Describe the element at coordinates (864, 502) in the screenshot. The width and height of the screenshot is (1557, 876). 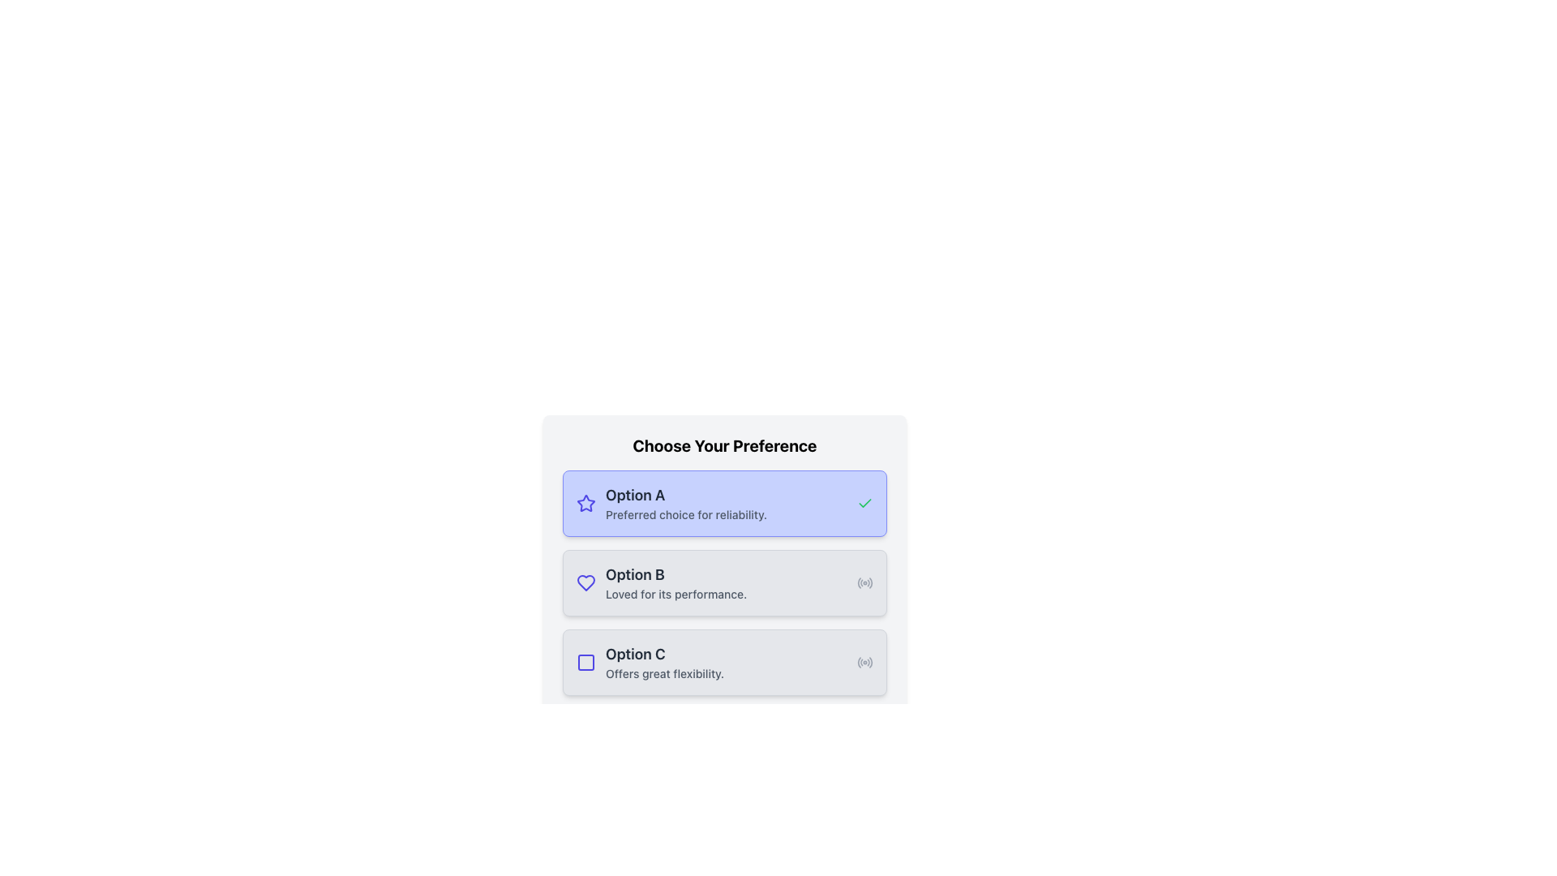
I see `the green checkmark icon located on the right side of the 'Option A' selection box in the preference selection interface` at that location.